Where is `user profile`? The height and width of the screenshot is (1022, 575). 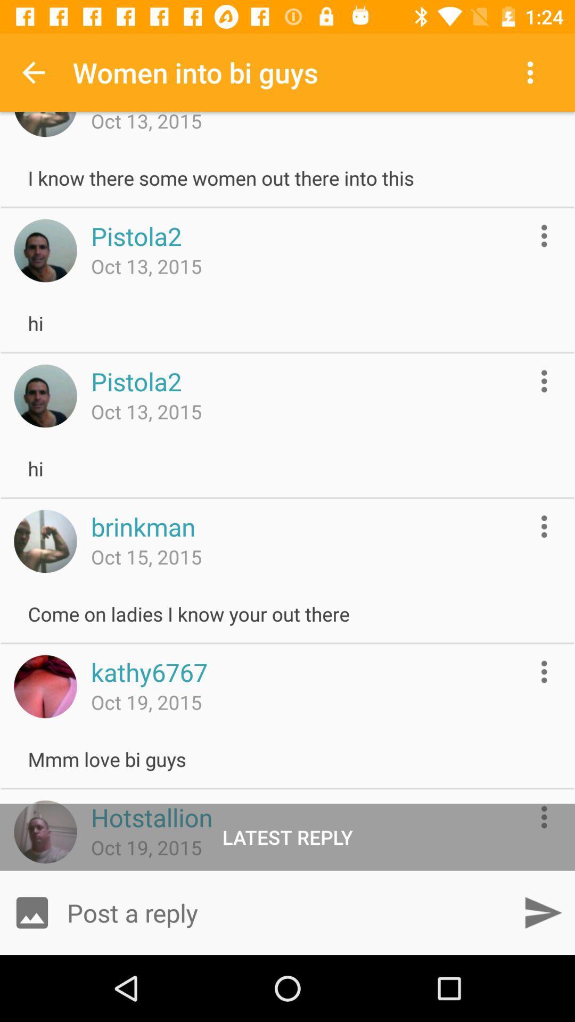 user profile is located at coordinates (45, 687).